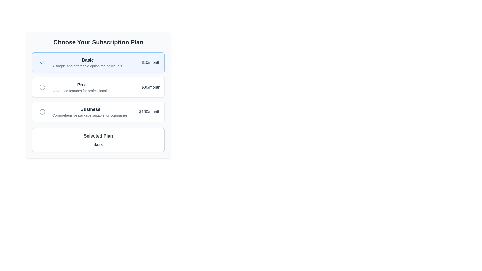 The width and height of the screenshot is (482, 271). I want to click on the blue checkmark icon indicating selection for the 'Basic $10/month' subscription option located at the top section of the plan selection interface, so click(42, 62).